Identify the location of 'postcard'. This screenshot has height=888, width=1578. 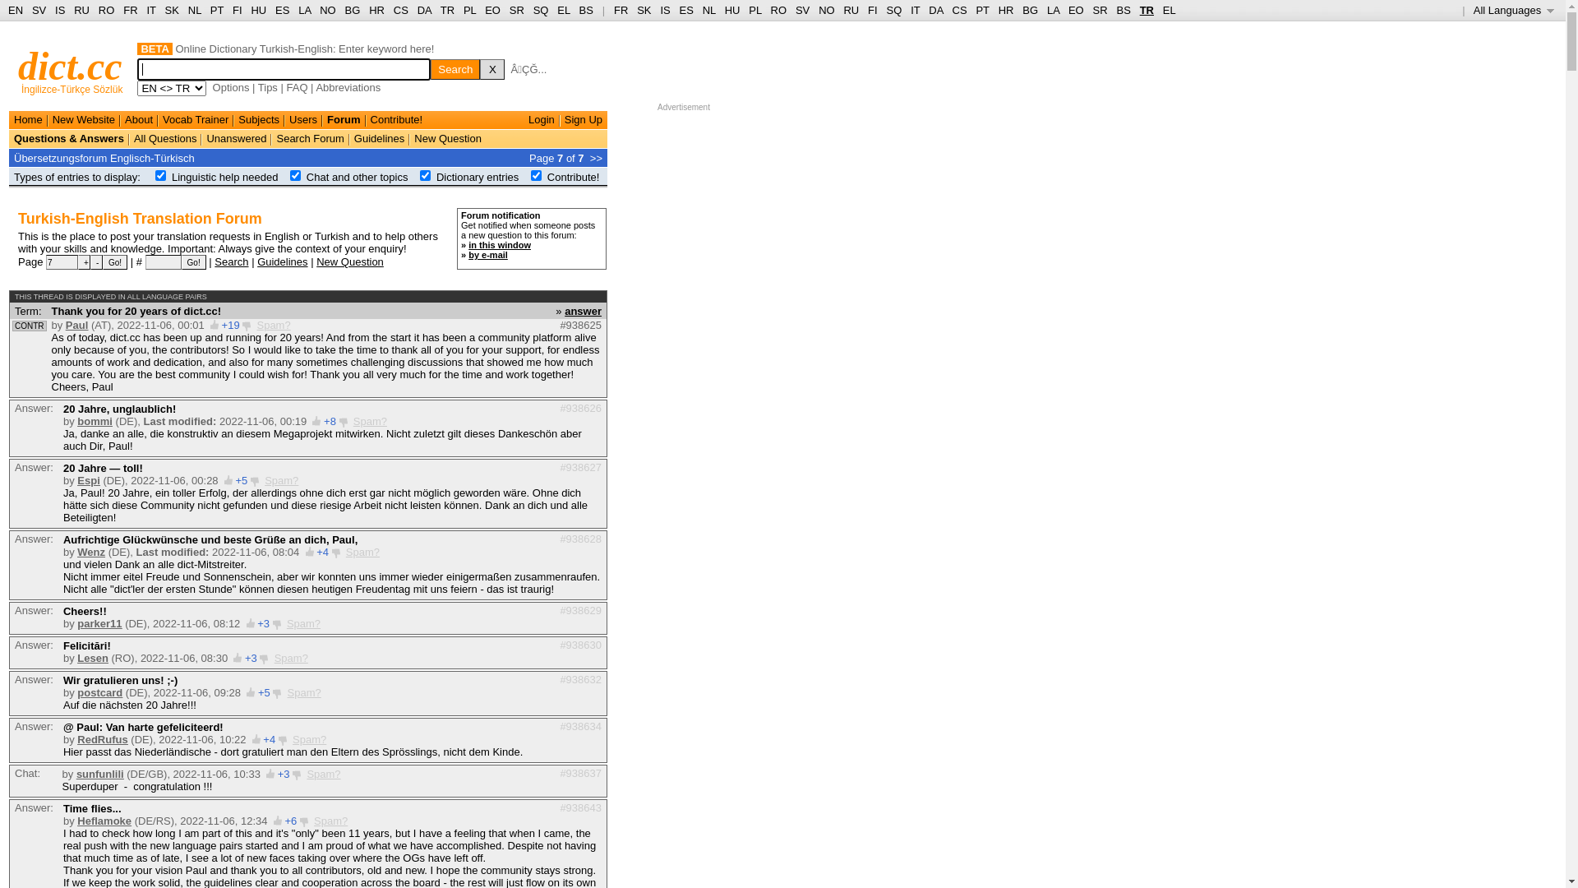
(99, 692).